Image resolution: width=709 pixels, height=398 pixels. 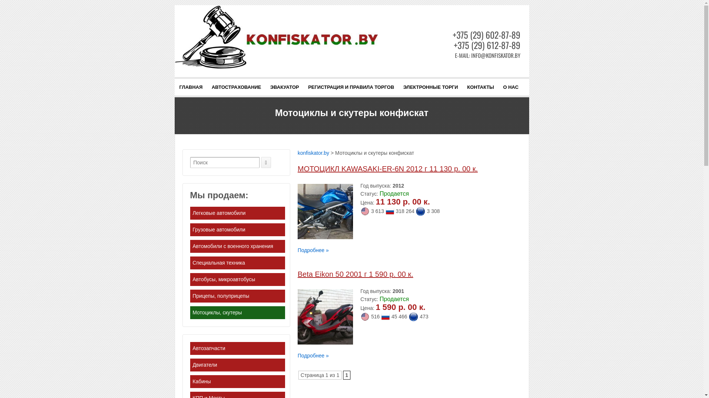 What do you see at coordinates (298, 153) in the screenshot?
I see `'konfiskator.by'` at bounding box center [298, 153].